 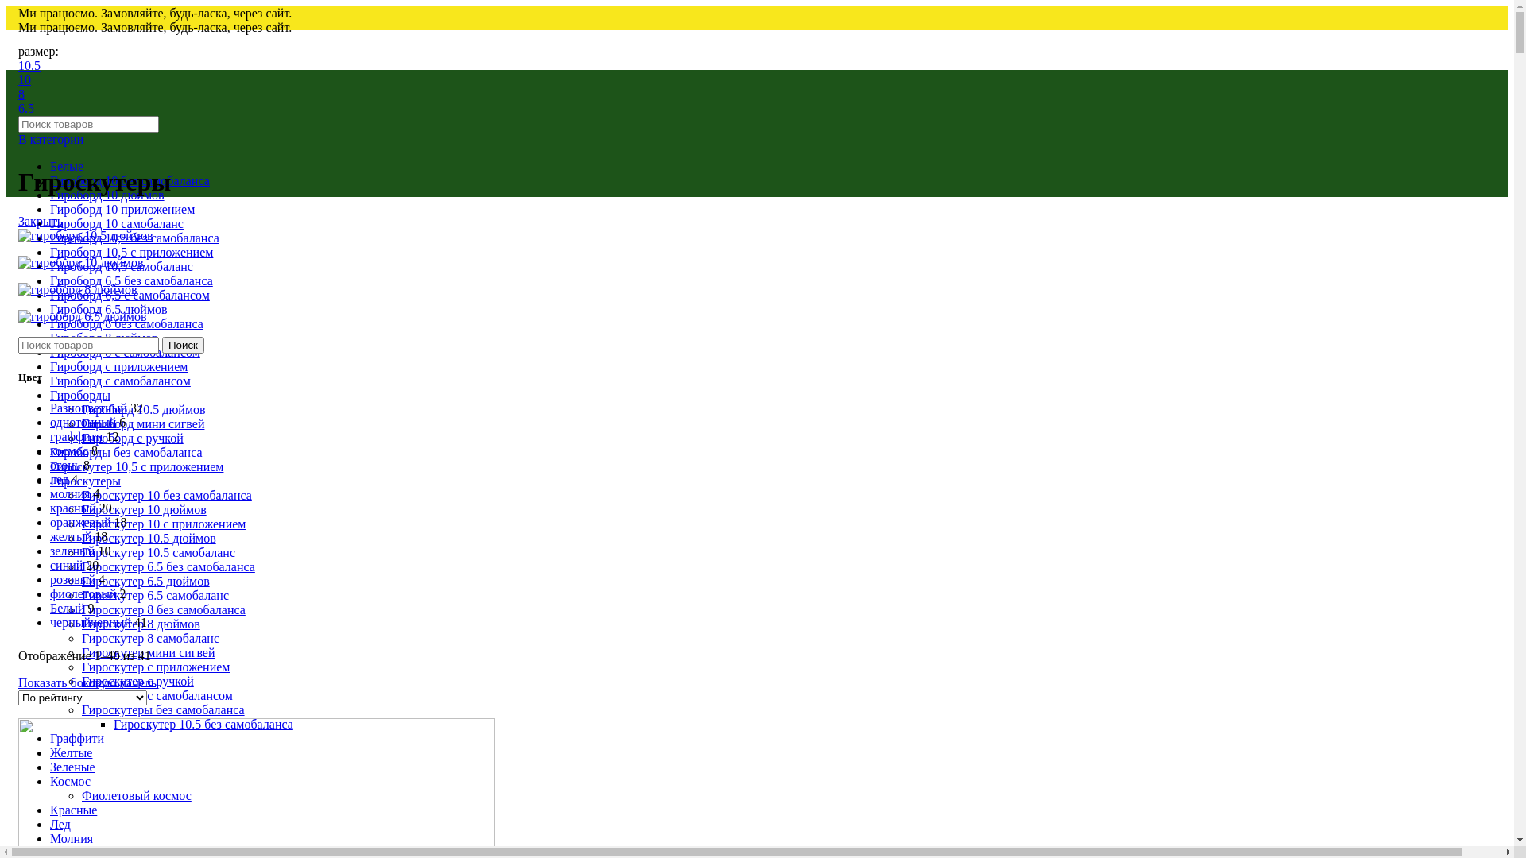 What do you see at coordinates (21, 94) in the screenshot?
I see `'8'` at bounding box center [21, 94].